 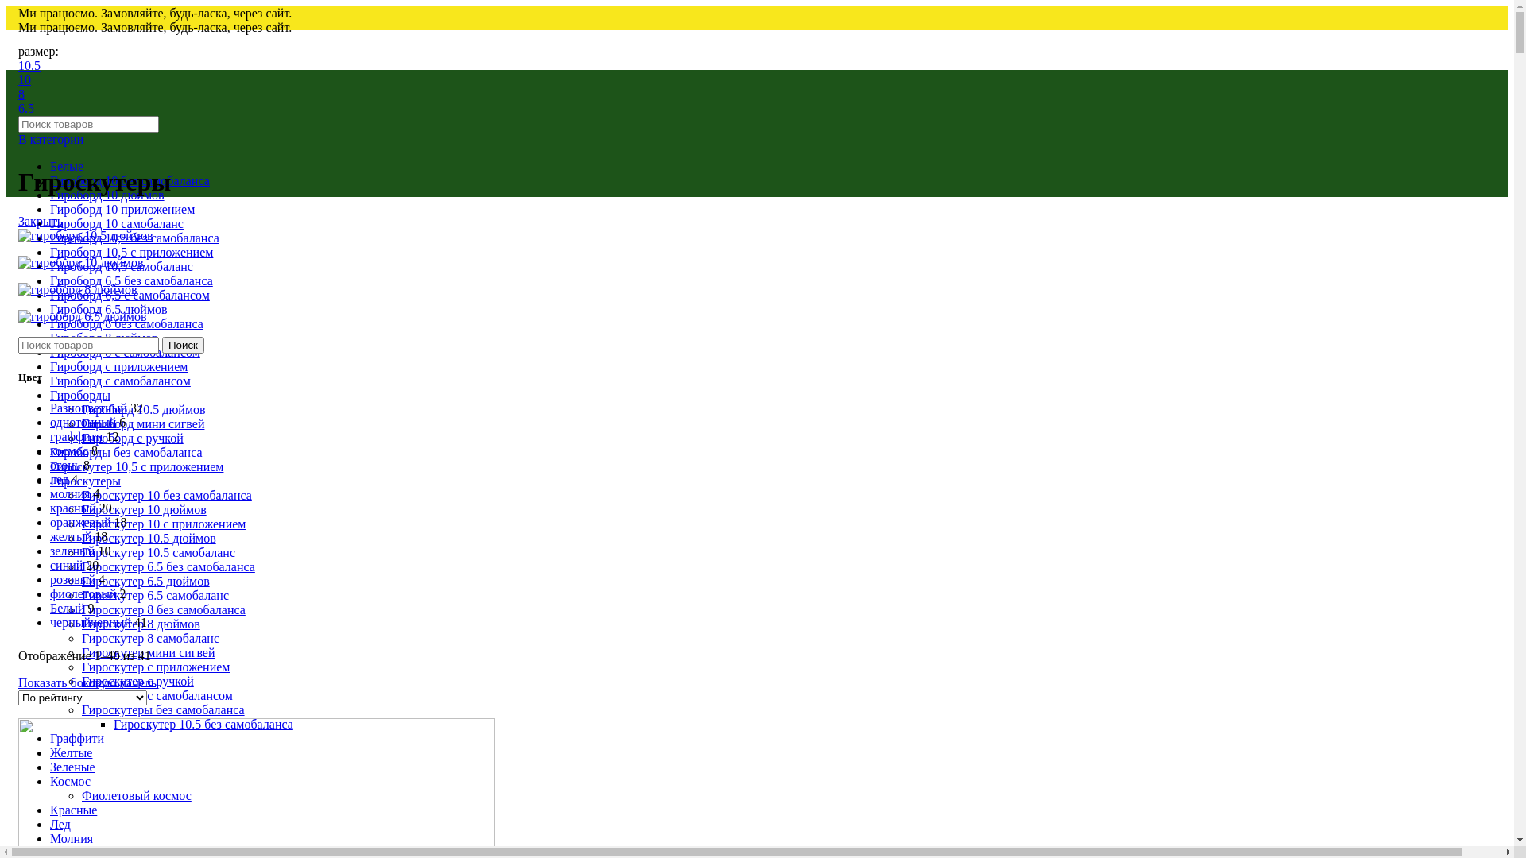 What do you see at coordinates (21, 94) in the screenshot?
I see `'8'` at bounding box center [21, 94].